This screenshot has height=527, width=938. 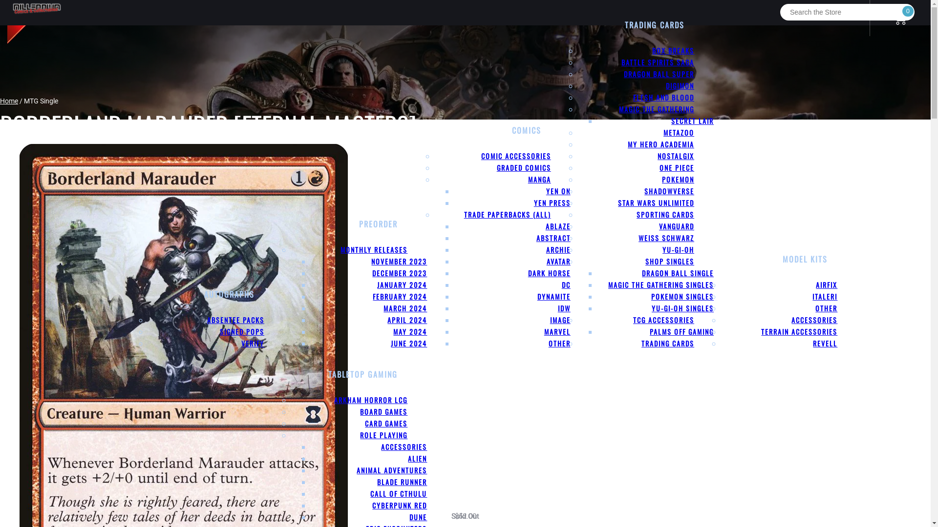 What do you see at coordinates (681, 331) in the screenshot?
I see `'PALMS OFF GAMING'` at bounding box center [681, 331].